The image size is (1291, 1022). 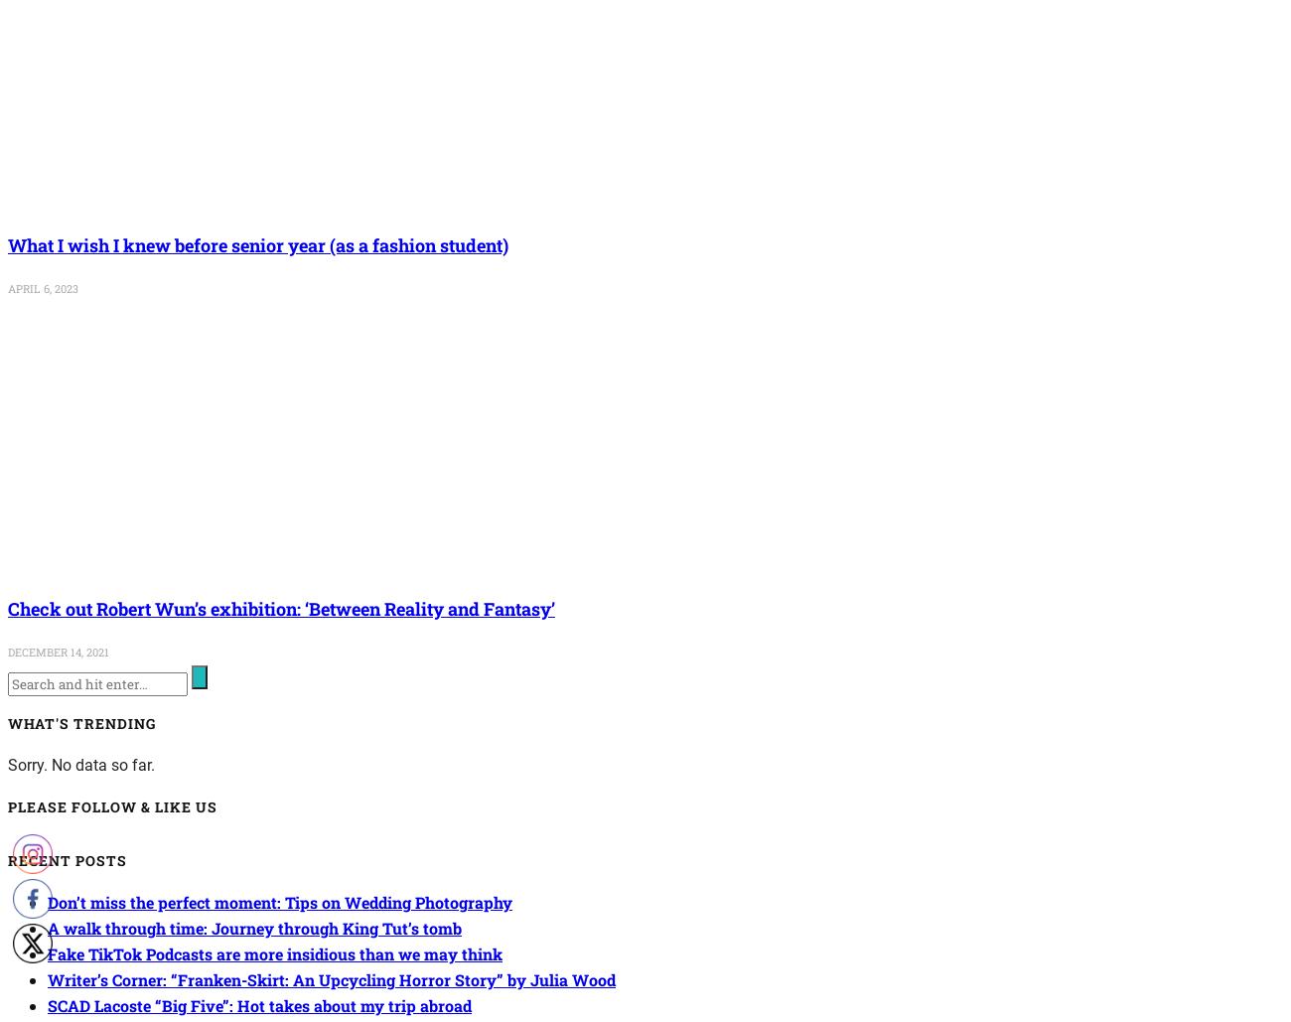 I want to click on 'What's Trending', so click(x=7, y=721).